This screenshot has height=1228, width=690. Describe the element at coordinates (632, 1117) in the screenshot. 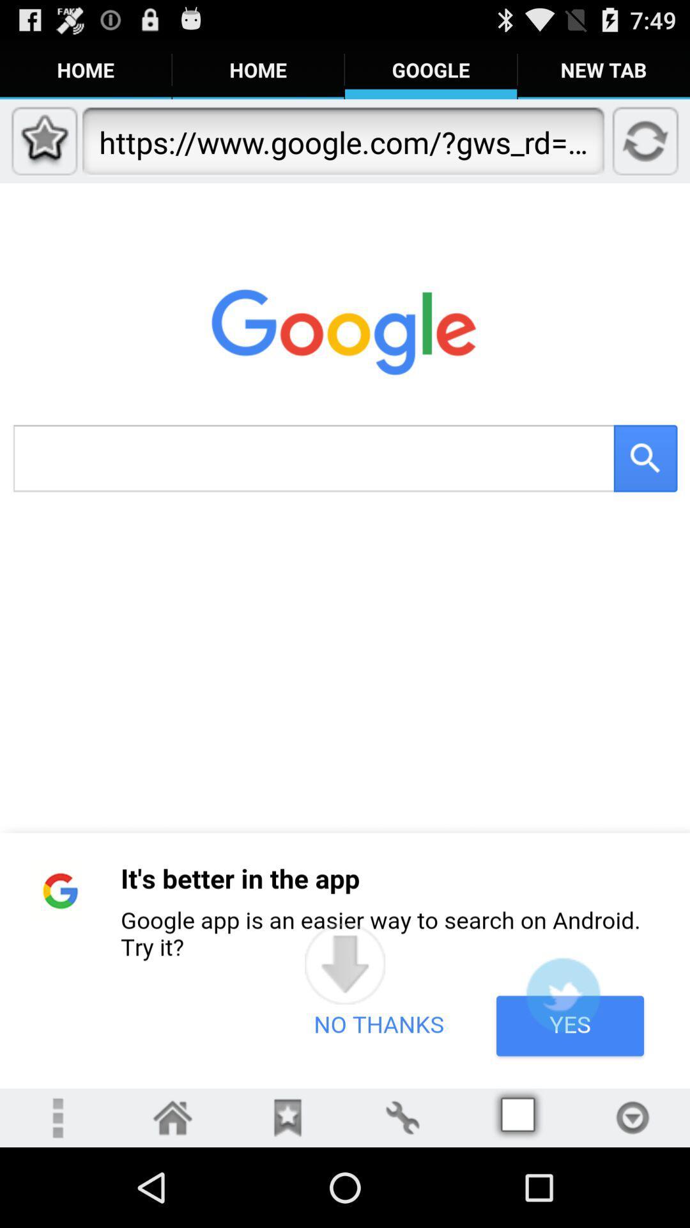

I see `stop button` at that location.